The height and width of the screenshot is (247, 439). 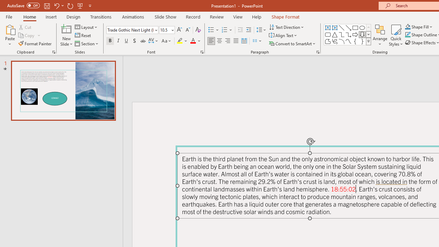 I want to click on 'Arrange', so click(x=380, y=35).